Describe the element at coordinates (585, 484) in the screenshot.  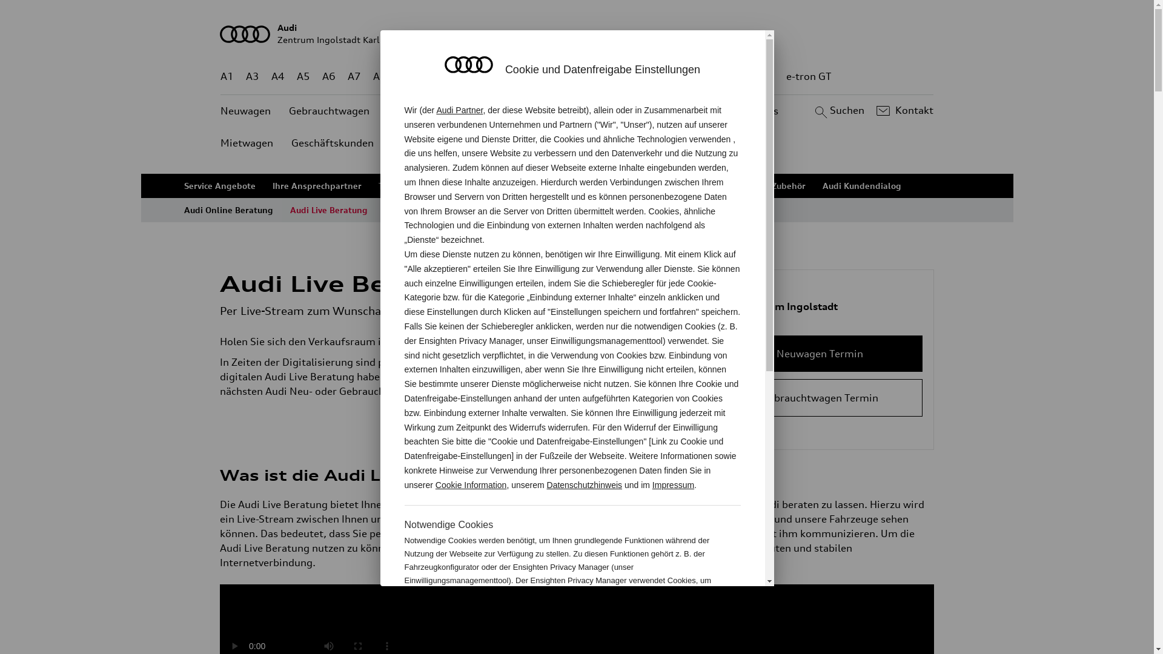
I see `'Datenschutzhinweis'` at that location.